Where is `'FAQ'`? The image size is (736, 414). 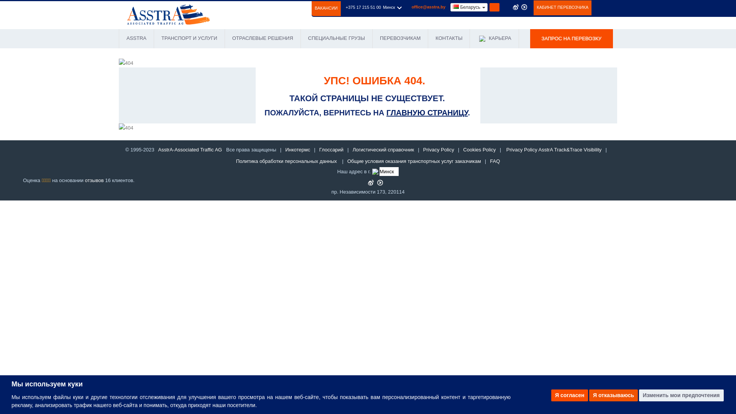
'FAQ' is located at coordinates (495, 161).